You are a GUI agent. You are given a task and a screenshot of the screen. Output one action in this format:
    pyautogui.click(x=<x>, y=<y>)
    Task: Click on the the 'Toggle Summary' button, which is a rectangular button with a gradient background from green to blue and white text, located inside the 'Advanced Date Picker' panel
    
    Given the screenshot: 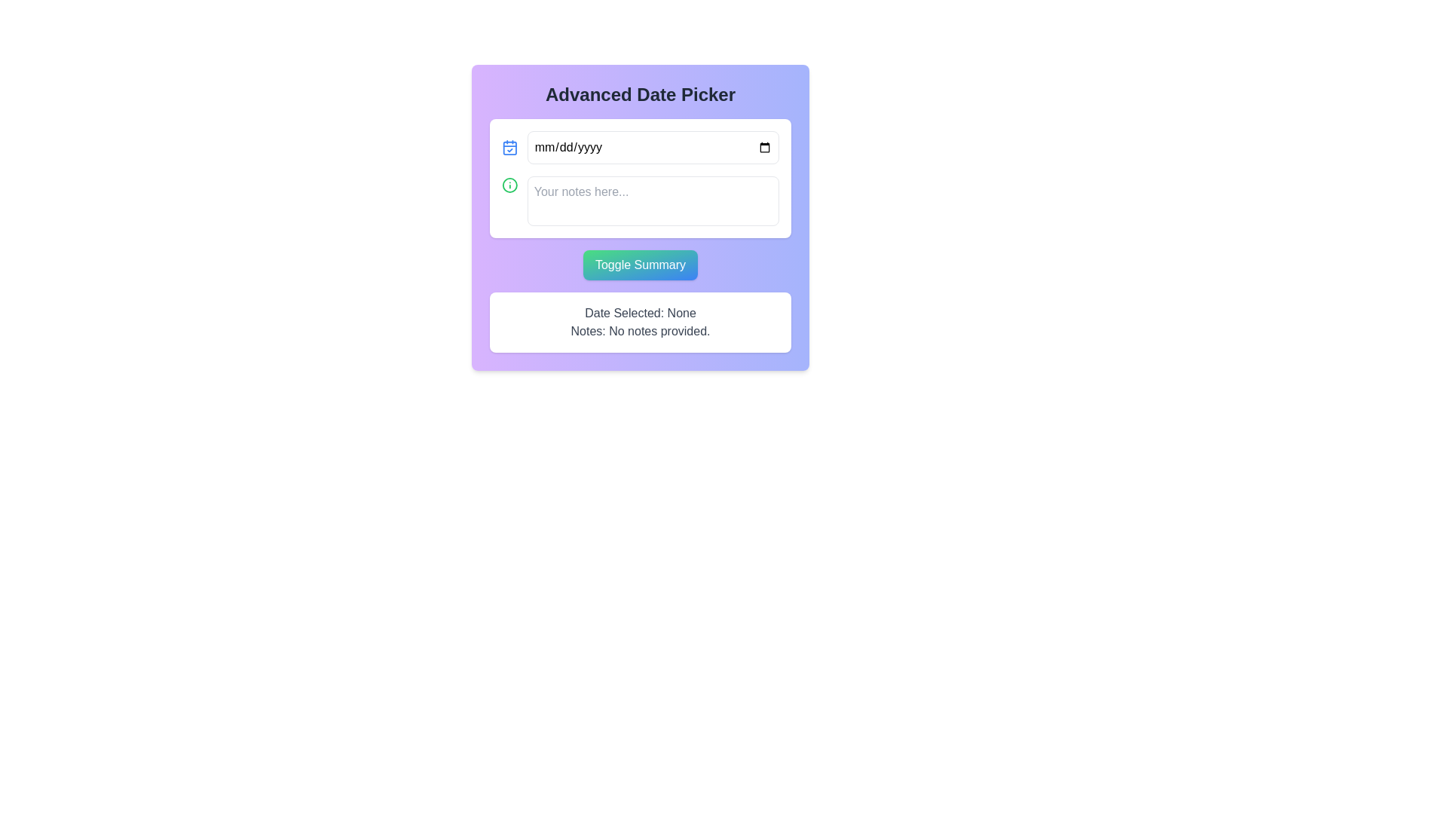 What is the action you would take?
    pyautogui.click(x=640, y=264)
    